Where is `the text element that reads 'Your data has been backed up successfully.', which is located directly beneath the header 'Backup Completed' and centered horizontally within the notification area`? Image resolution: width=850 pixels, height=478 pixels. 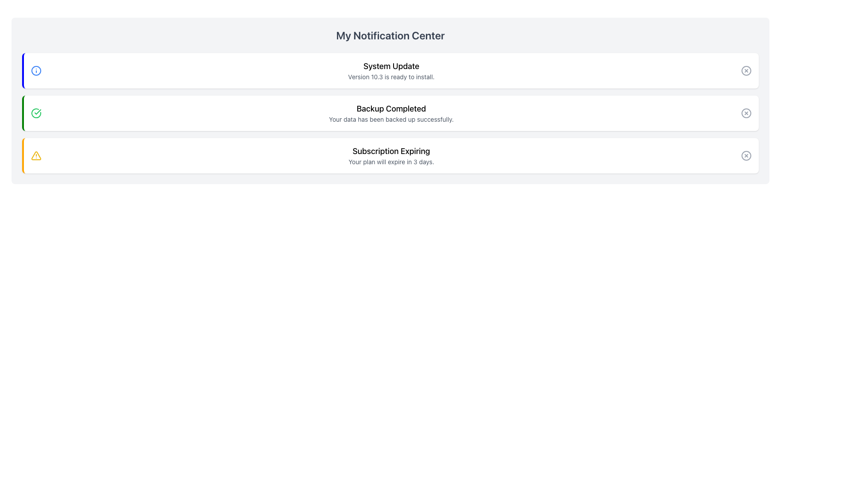 the text element that reads 'Your data has been backed up successfully.', which is located directly beneath the header 'Backup Completed' and centered horizontally within the notification area is located at coordinates (390, 119).